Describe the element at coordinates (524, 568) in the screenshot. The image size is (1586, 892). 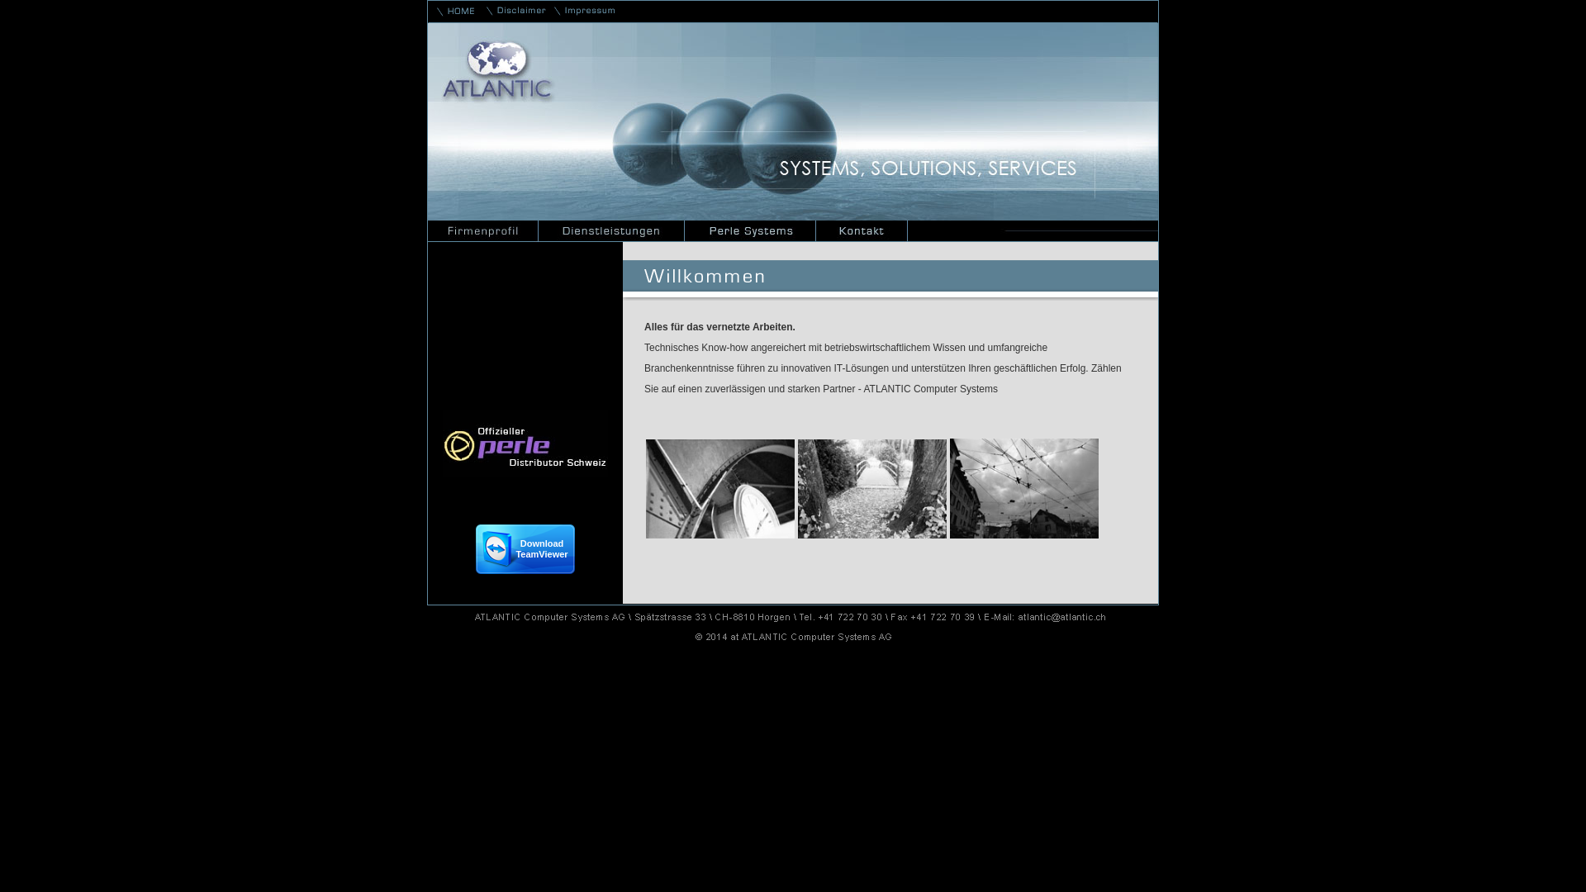
I see `'Download TeamViewer'` at that location.